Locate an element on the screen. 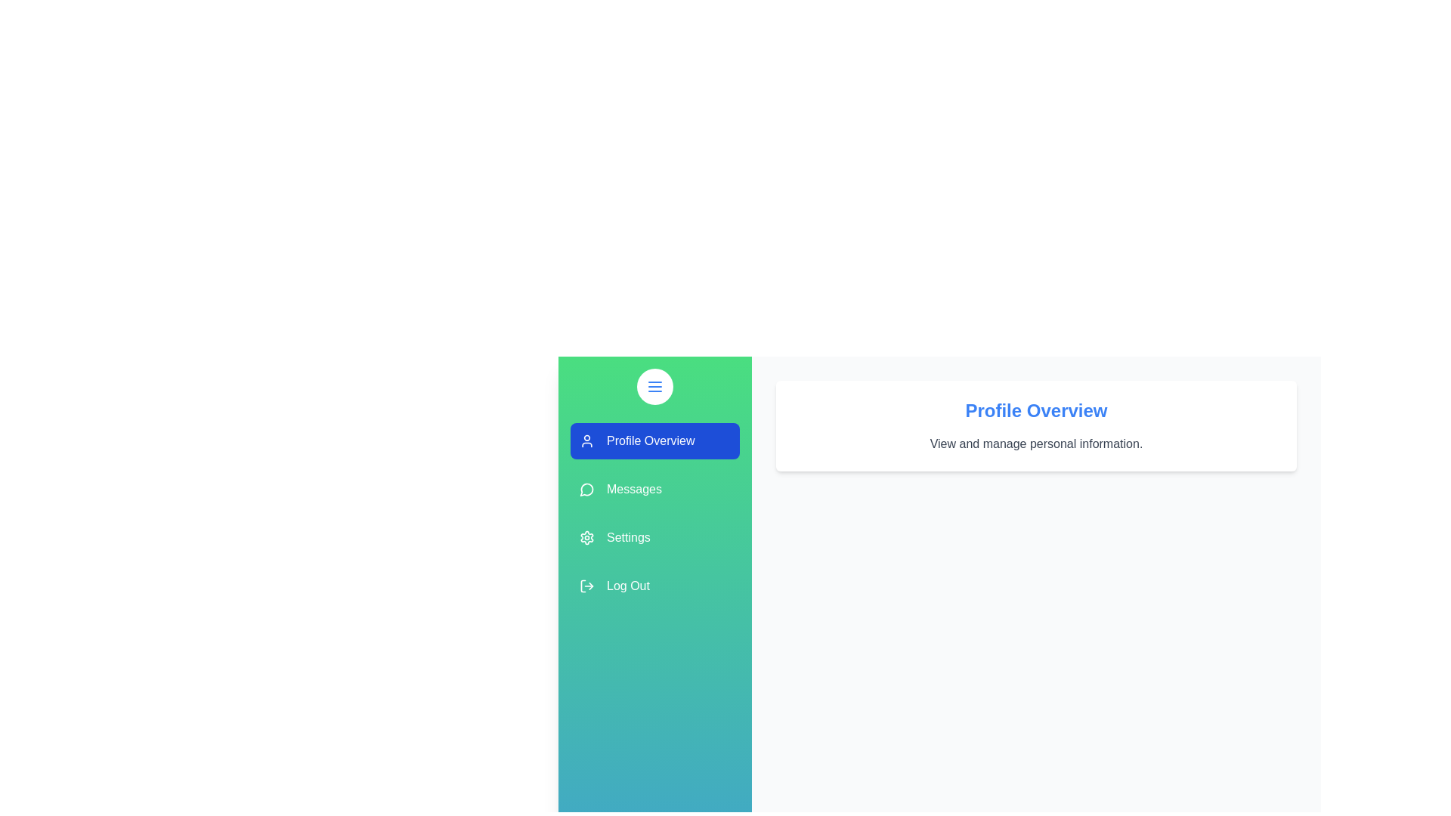 The height and width of the screenshot is (816, 1451). the menu item Log Out to observe its visual feedback is located at coordinates (655, 585).